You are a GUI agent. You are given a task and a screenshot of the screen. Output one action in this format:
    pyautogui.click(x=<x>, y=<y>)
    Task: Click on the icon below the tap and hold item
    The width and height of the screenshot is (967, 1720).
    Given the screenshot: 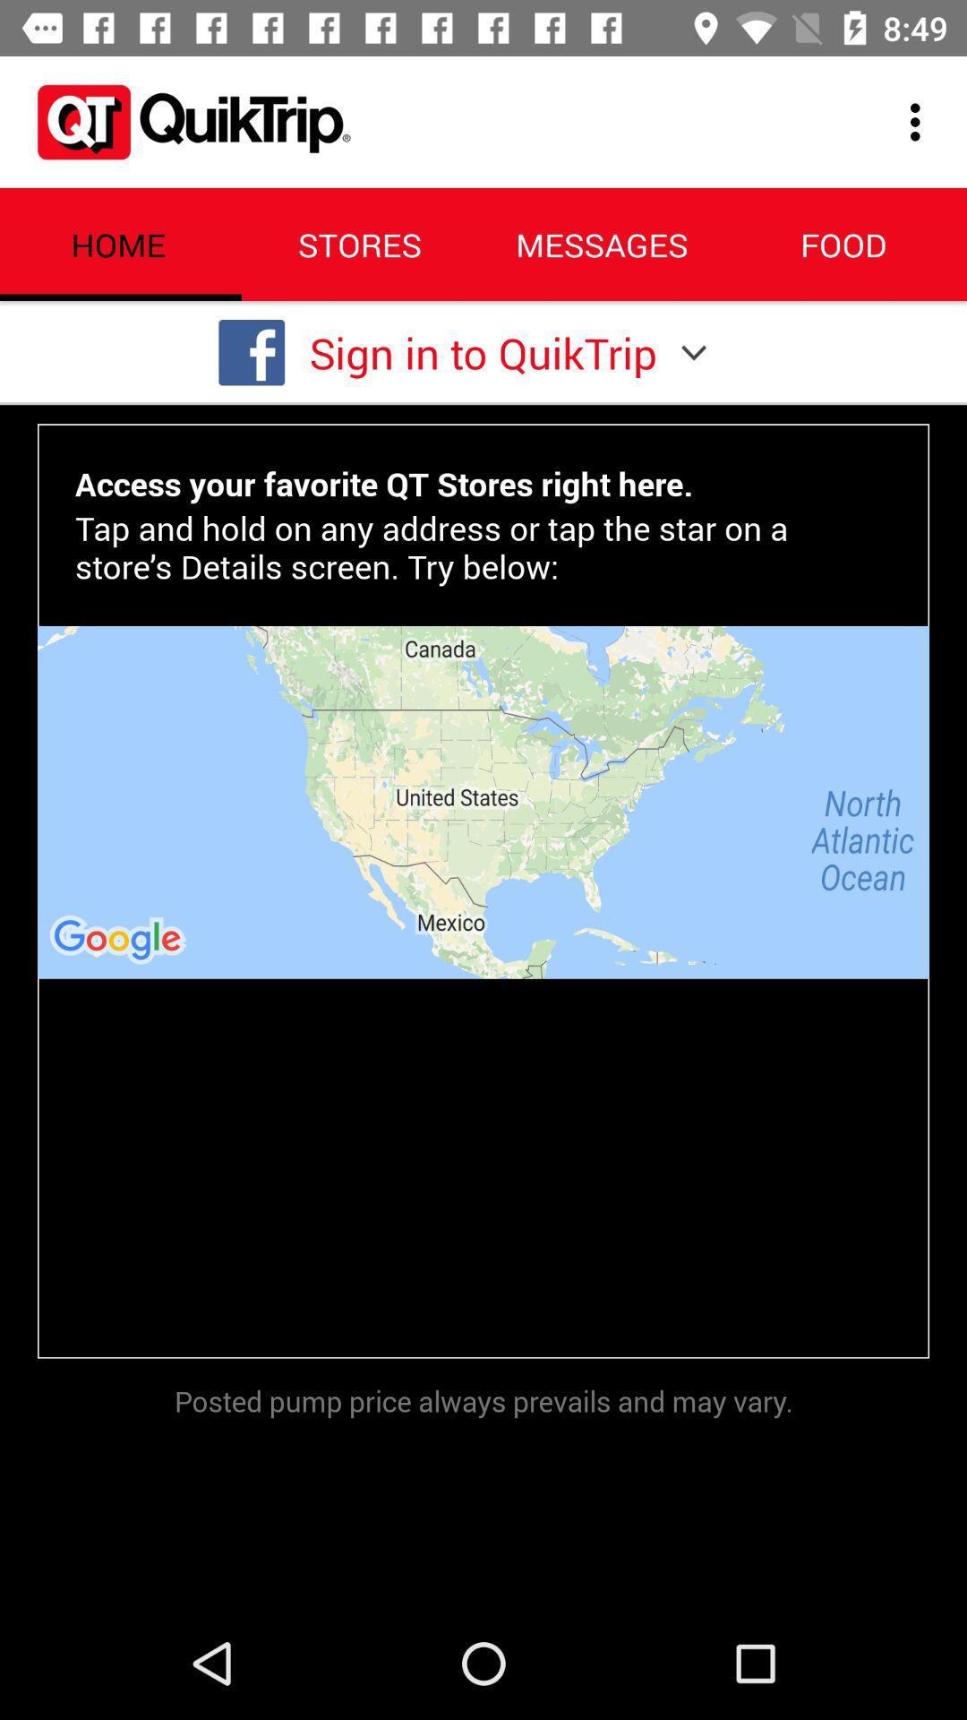 What is the action you would take?
    pyautogui.click(x=483, y=801)
    